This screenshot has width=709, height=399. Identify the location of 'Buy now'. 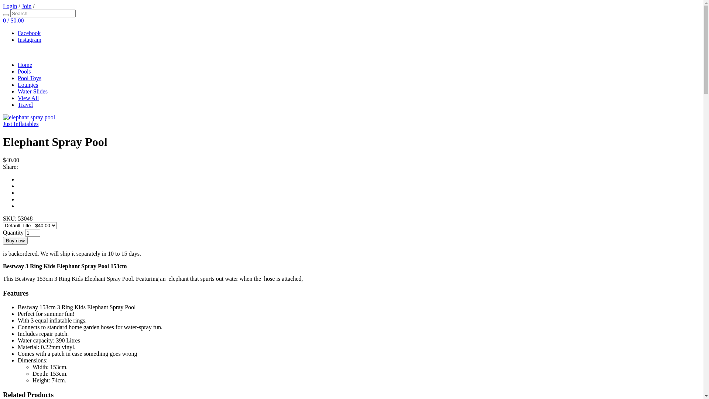
(15, 241).